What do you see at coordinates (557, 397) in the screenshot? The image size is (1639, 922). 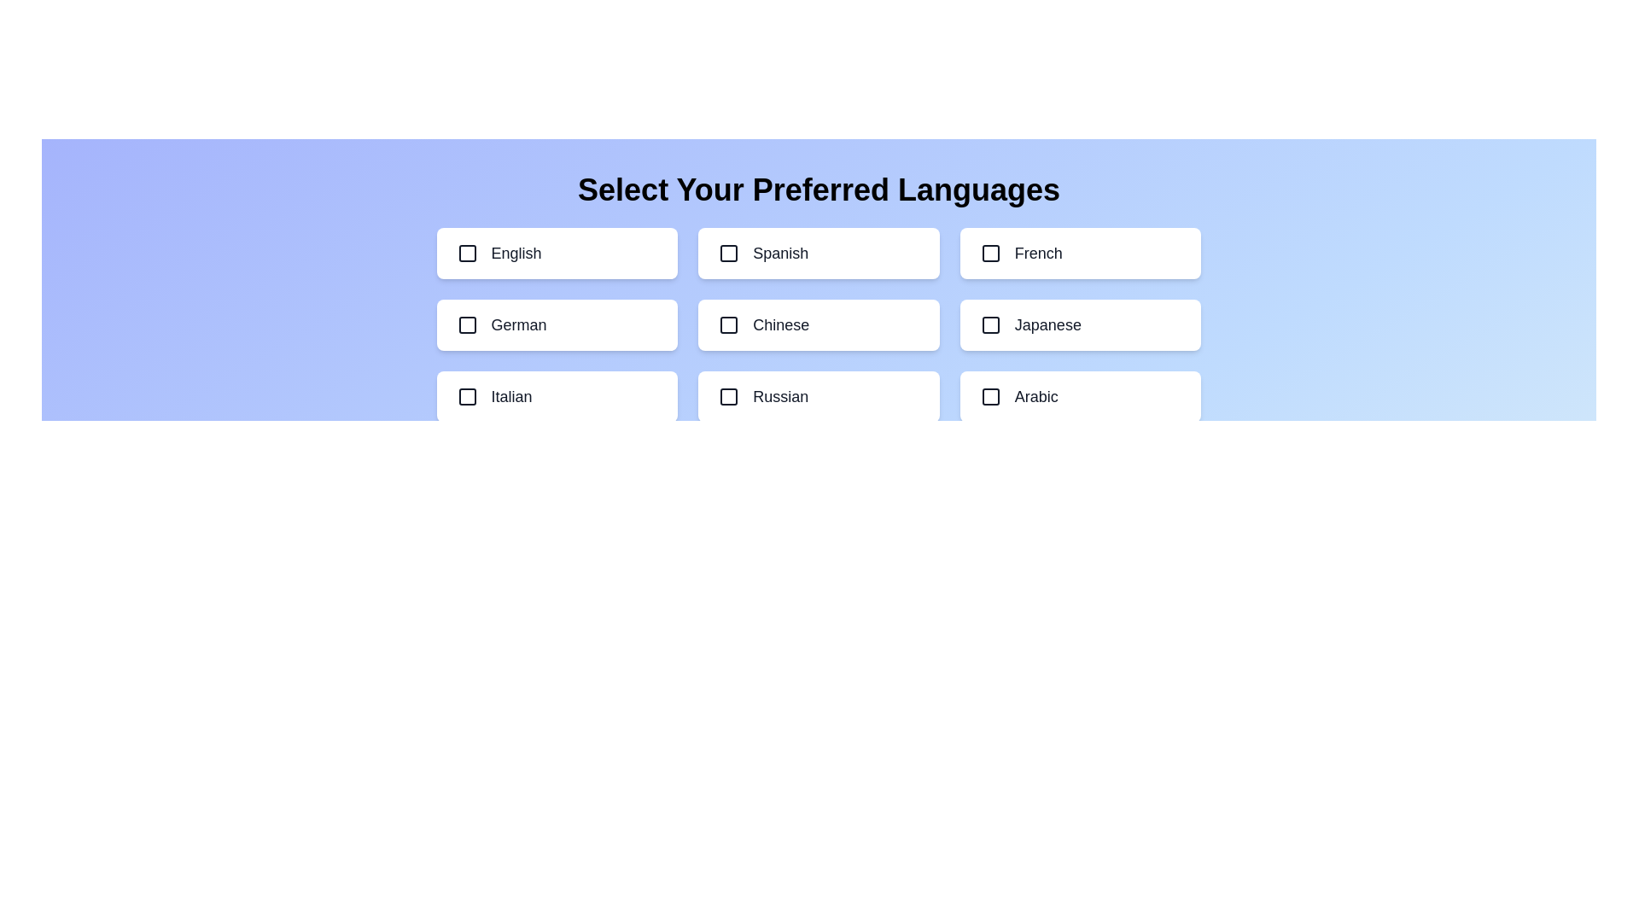 I see `the language option Italian` at bounding box center [557, 397].